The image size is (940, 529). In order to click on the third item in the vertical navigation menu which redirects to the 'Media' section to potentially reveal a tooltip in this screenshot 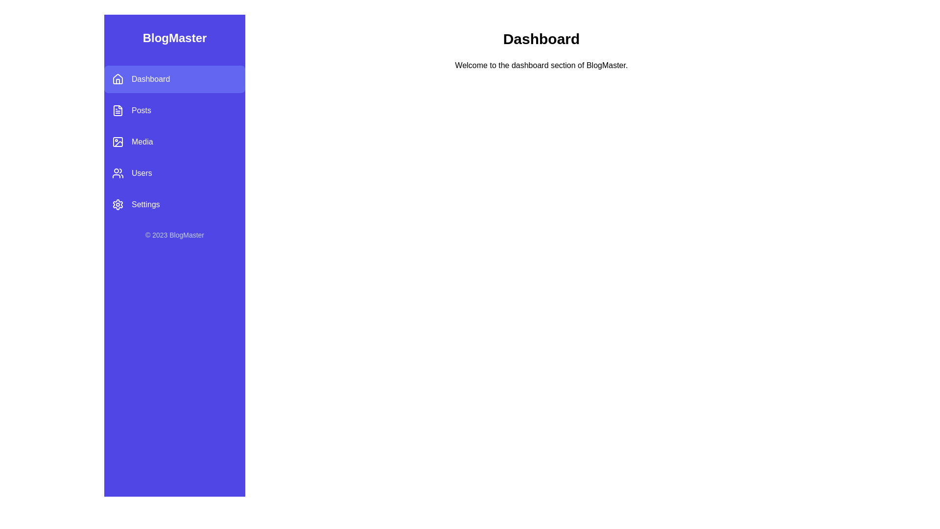, I will do `click(174, 142)`.